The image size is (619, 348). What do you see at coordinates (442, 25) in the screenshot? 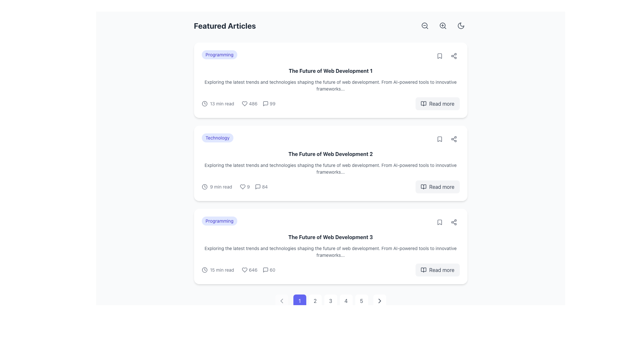
I see `the zoom in button located in the top navigation bar, which is the second icon from the right` at bounding box center [442, 25].